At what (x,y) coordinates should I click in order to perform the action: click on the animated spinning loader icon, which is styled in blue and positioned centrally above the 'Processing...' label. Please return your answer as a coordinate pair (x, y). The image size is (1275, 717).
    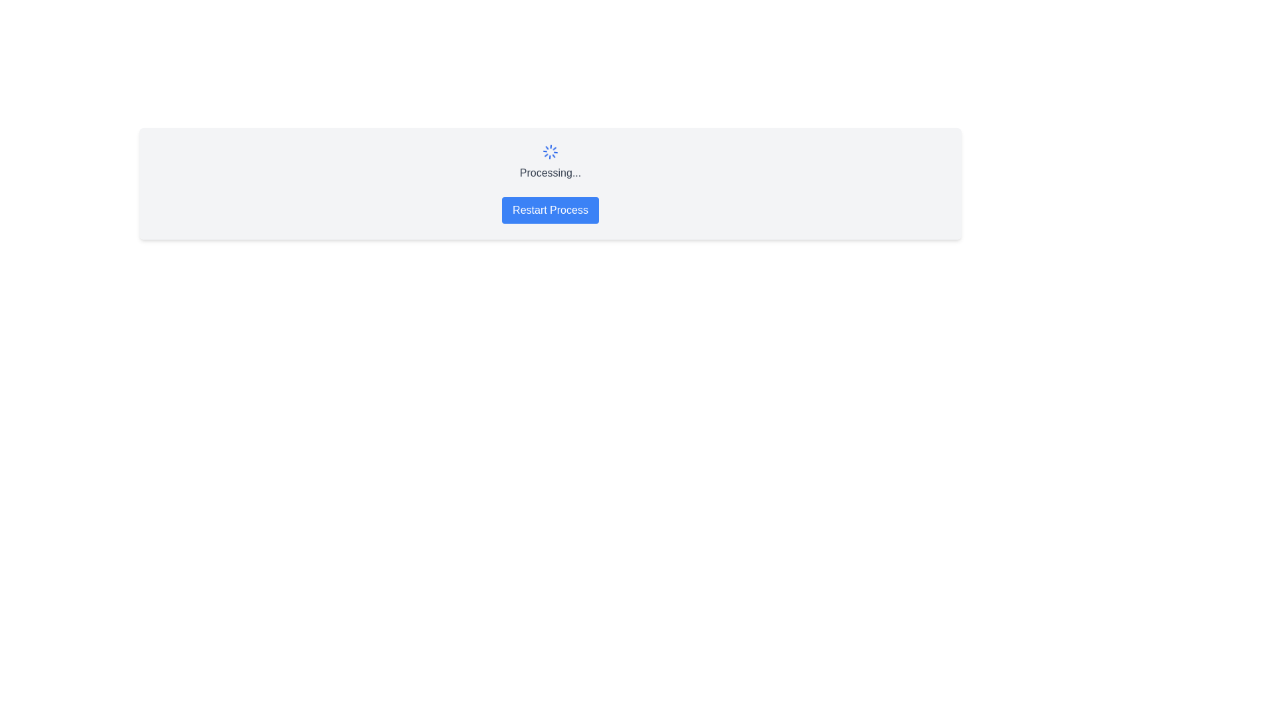
    Looking at the image, I should click on (551, 151).